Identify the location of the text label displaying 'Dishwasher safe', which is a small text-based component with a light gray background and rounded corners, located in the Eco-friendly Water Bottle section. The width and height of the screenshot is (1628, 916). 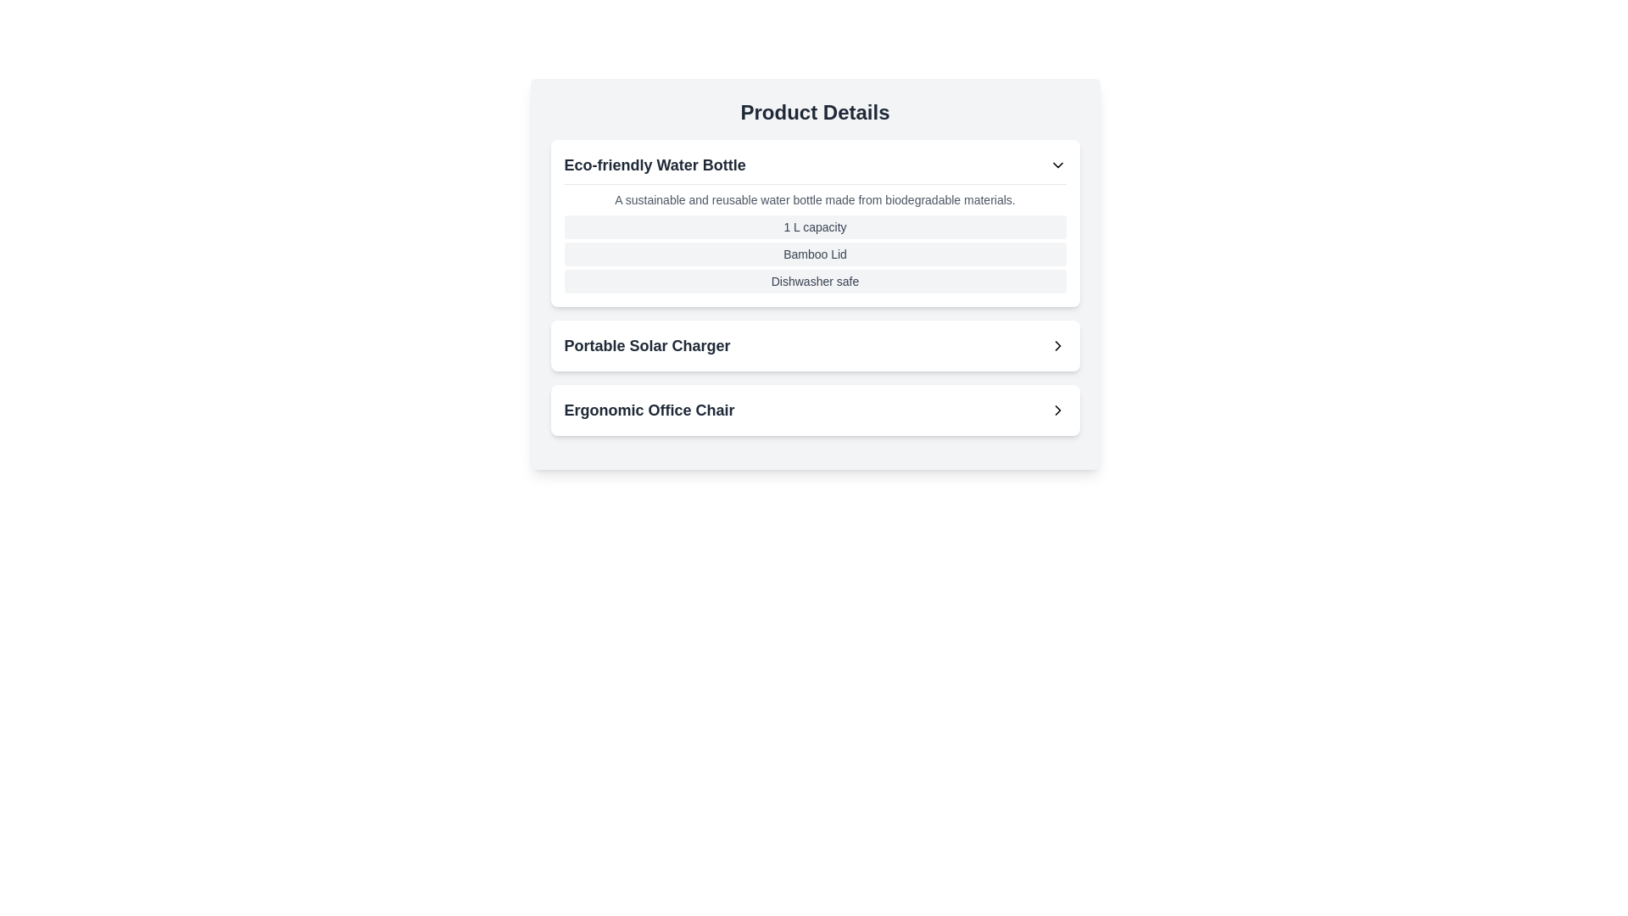
(815, 280).